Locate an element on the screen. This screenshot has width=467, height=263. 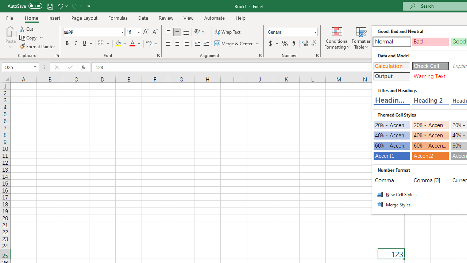
'Fill Color RGB(255, 255, 0)' is located at coordinates (118, 43).